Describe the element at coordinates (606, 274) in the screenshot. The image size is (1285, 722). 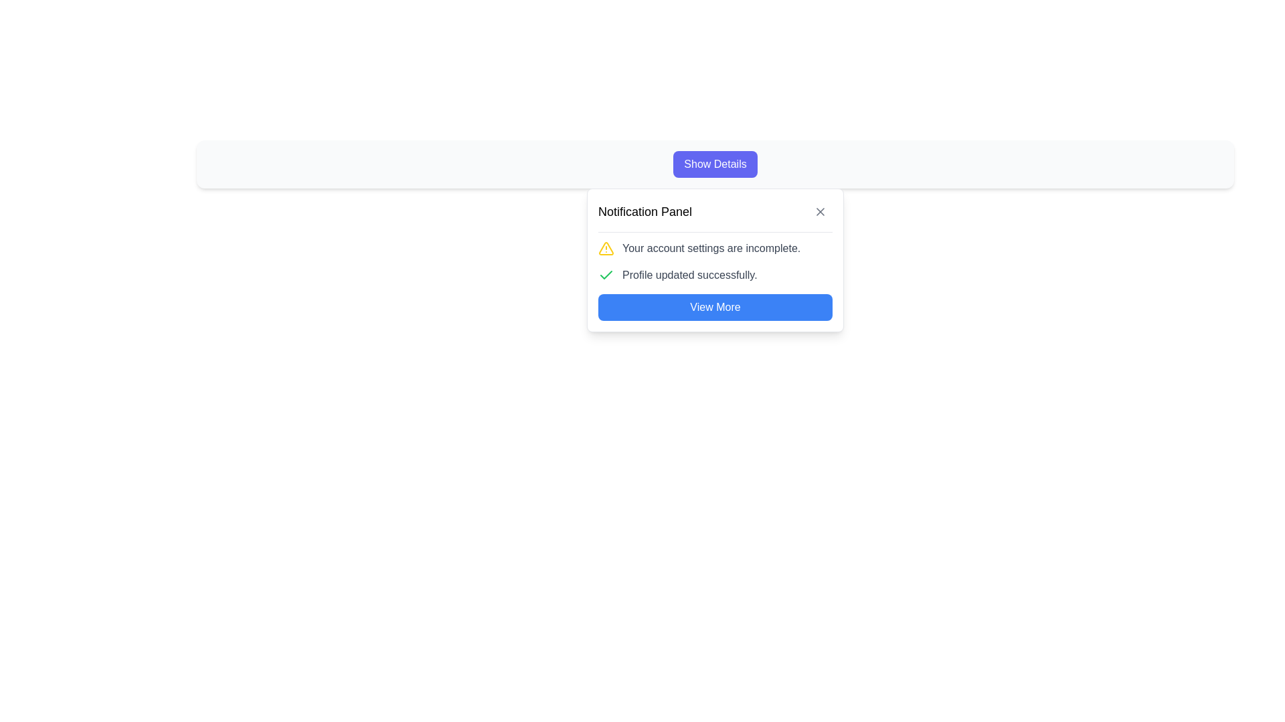
I see `the checkmark icon indicating successful profile update located in the notification panel next to the text 'Profile updated successfully.'` at that location.